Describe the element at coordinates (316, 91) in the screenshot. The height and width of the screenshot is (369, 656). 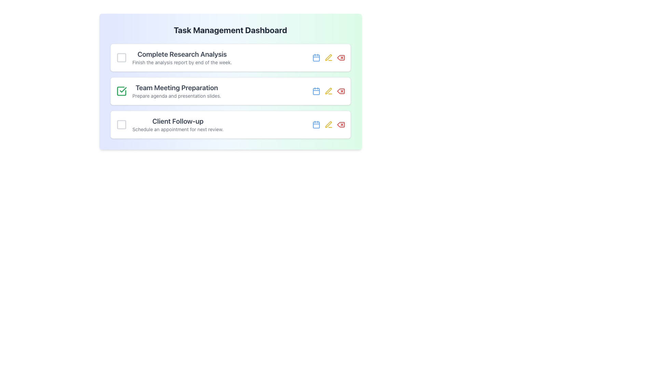
I see `the calendar SVG icon located to the right of 'Team Meeting Preparation' in the second item's action set` at that location.